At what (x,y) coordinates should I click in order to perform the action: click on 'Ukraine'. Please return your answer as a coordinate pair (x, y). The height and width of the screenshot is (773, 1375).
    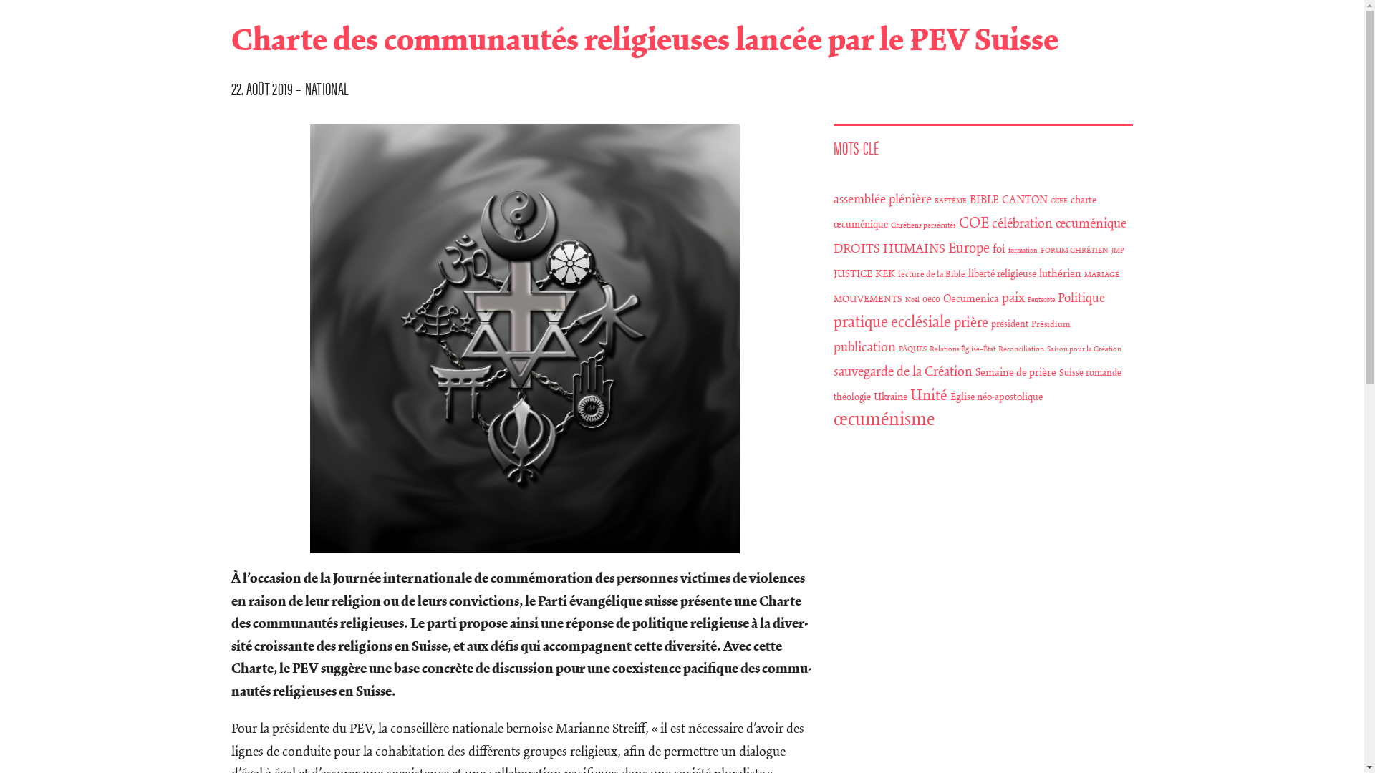
    Looking at the image, I should click on (872, 397).